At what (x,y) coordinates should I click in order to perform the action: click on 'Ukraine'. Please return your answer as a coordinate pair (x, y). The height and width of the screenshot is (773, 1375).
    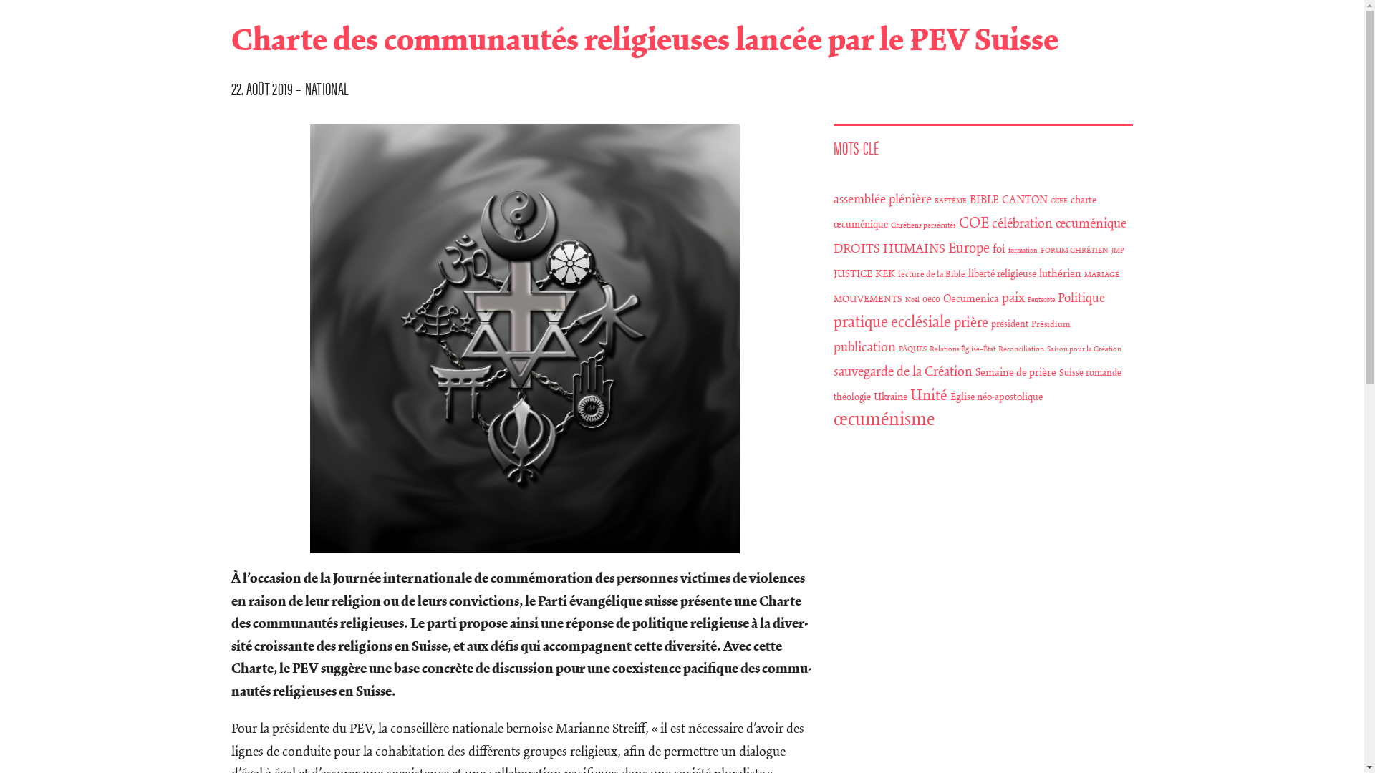
    Looking at the image, I should click on (872, 397).